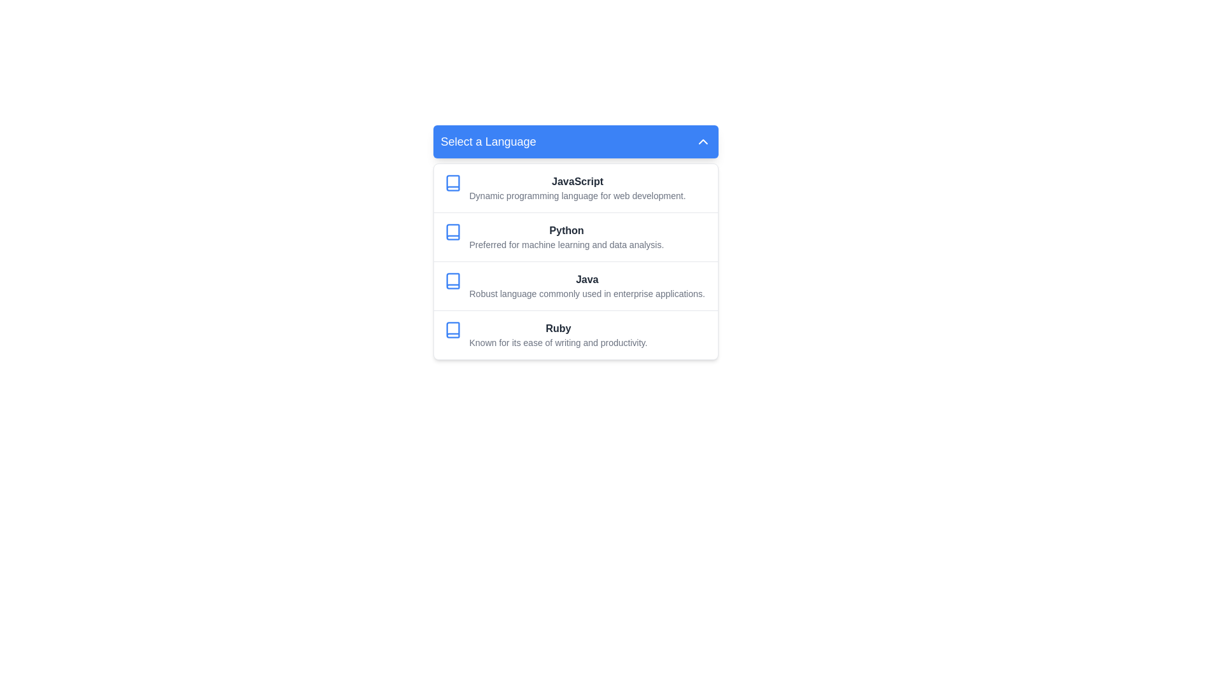  What do you see at coordinates (453, 330) in the screenshot?
I see `the blue book icon representing Ruby, the fourth icon in the vertical list of language options, to inspect its details` at bounding box center [453, 330].